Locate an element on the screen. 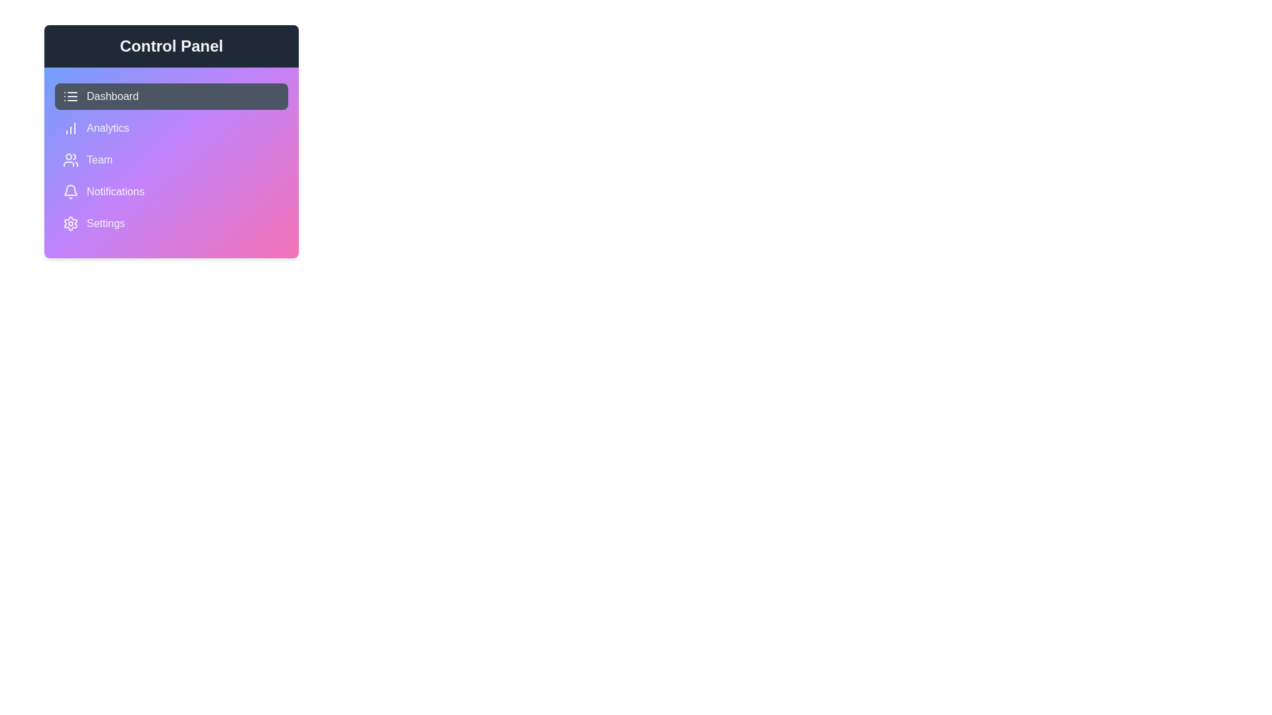  the bell-like icon representing notifications, which is the second sub-element in the Notifications button group, located to the left of the Notifications label is located at coordinates (70, 190).